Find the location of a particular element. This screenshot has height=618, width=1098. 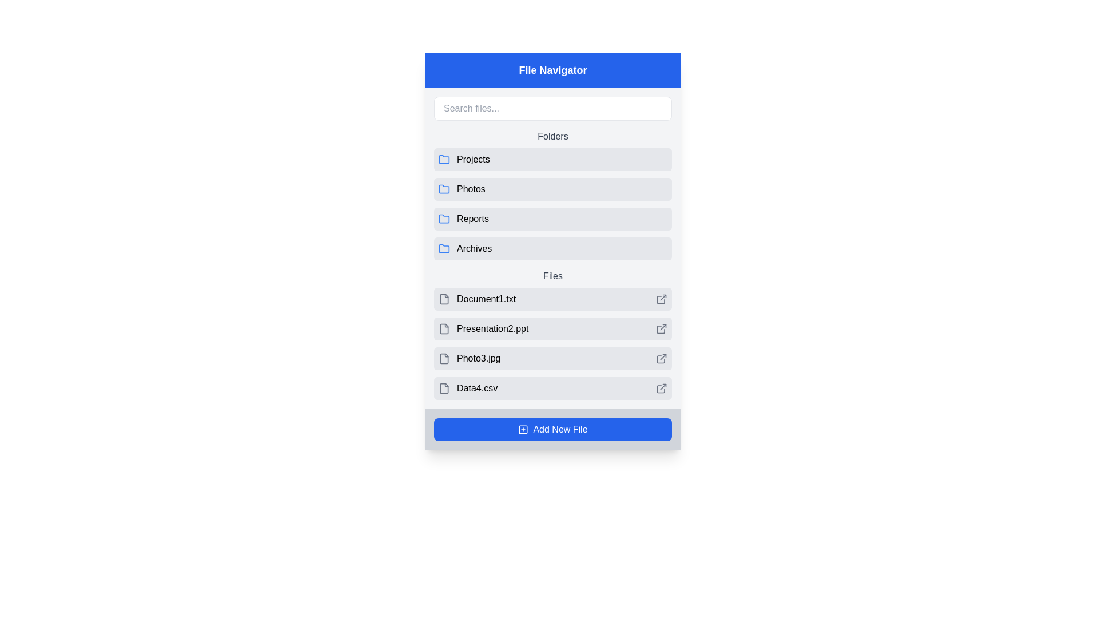

the icon indicating the action for adding a new file, which is adjacent to the text 'Add New File' at the bottom of the interface is located at coordinates (523, 430).